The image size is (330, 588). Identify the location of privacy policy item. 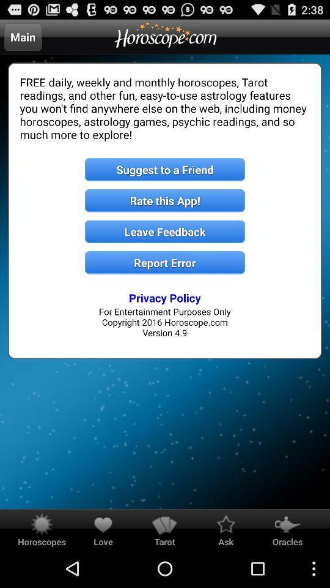
(165, 297).